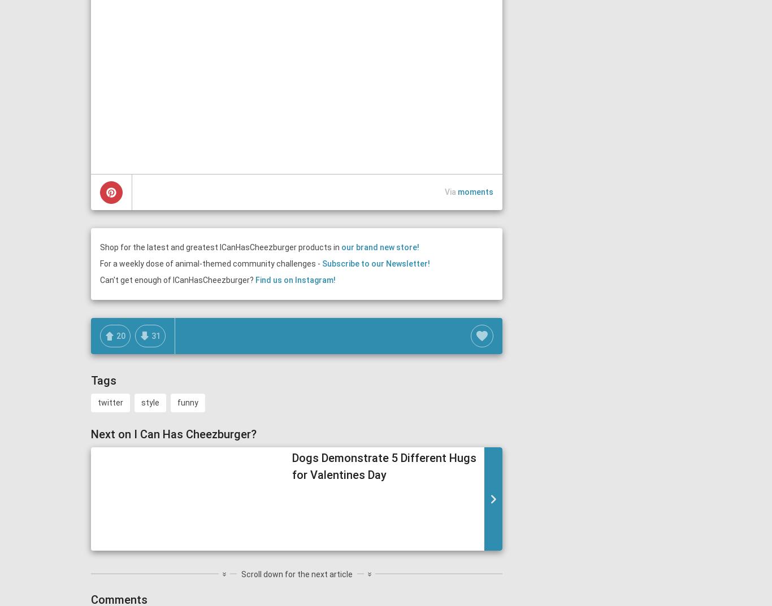 The width and height of the screenshot is (772, 606). What do you see at coordinates (97, 403) in the screenshot?
I see `'twitter'` at bounding box center [97, 403].